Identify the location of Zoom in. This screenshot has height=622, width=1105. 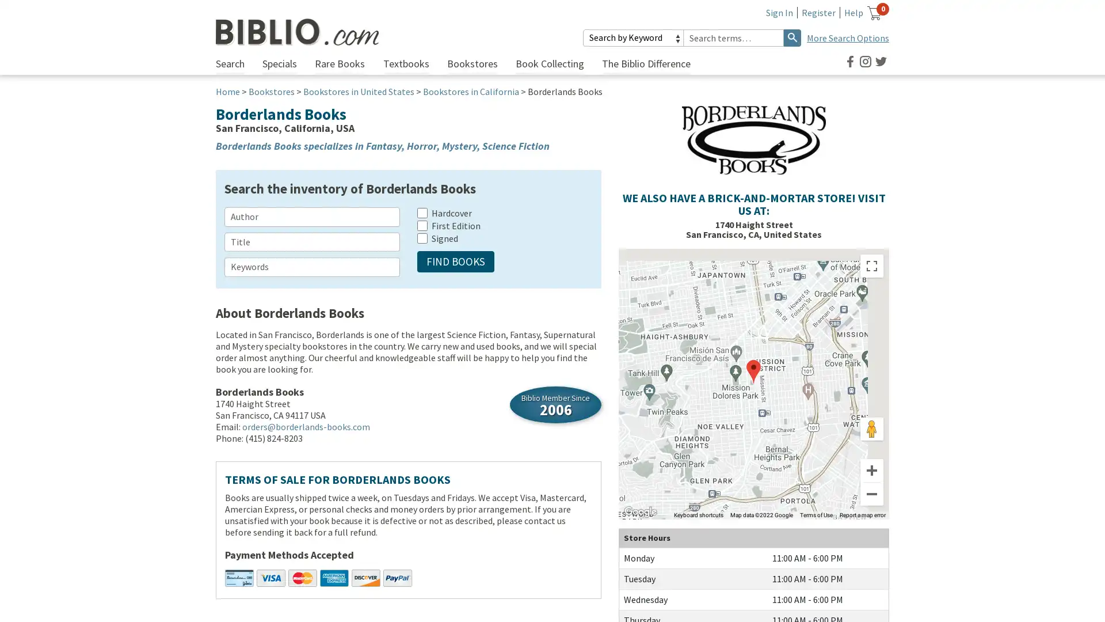
(872, 471).